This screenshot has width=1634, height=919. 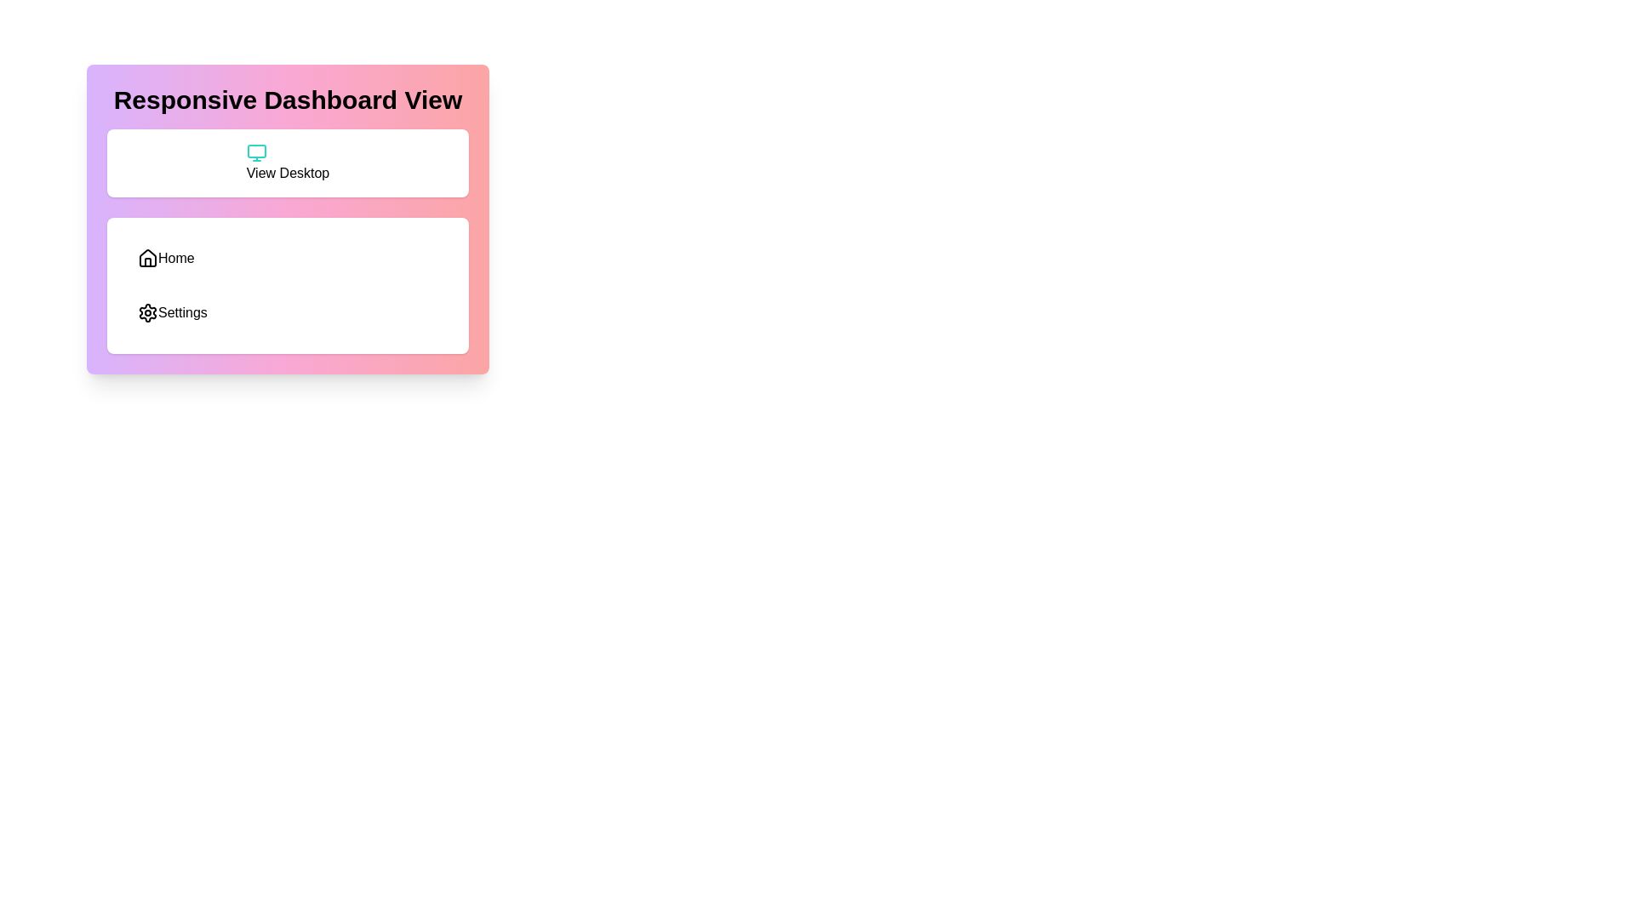 I want to click on the 'Home' button which contains a house icon and the text 'Home', so click(x=166, y=259).